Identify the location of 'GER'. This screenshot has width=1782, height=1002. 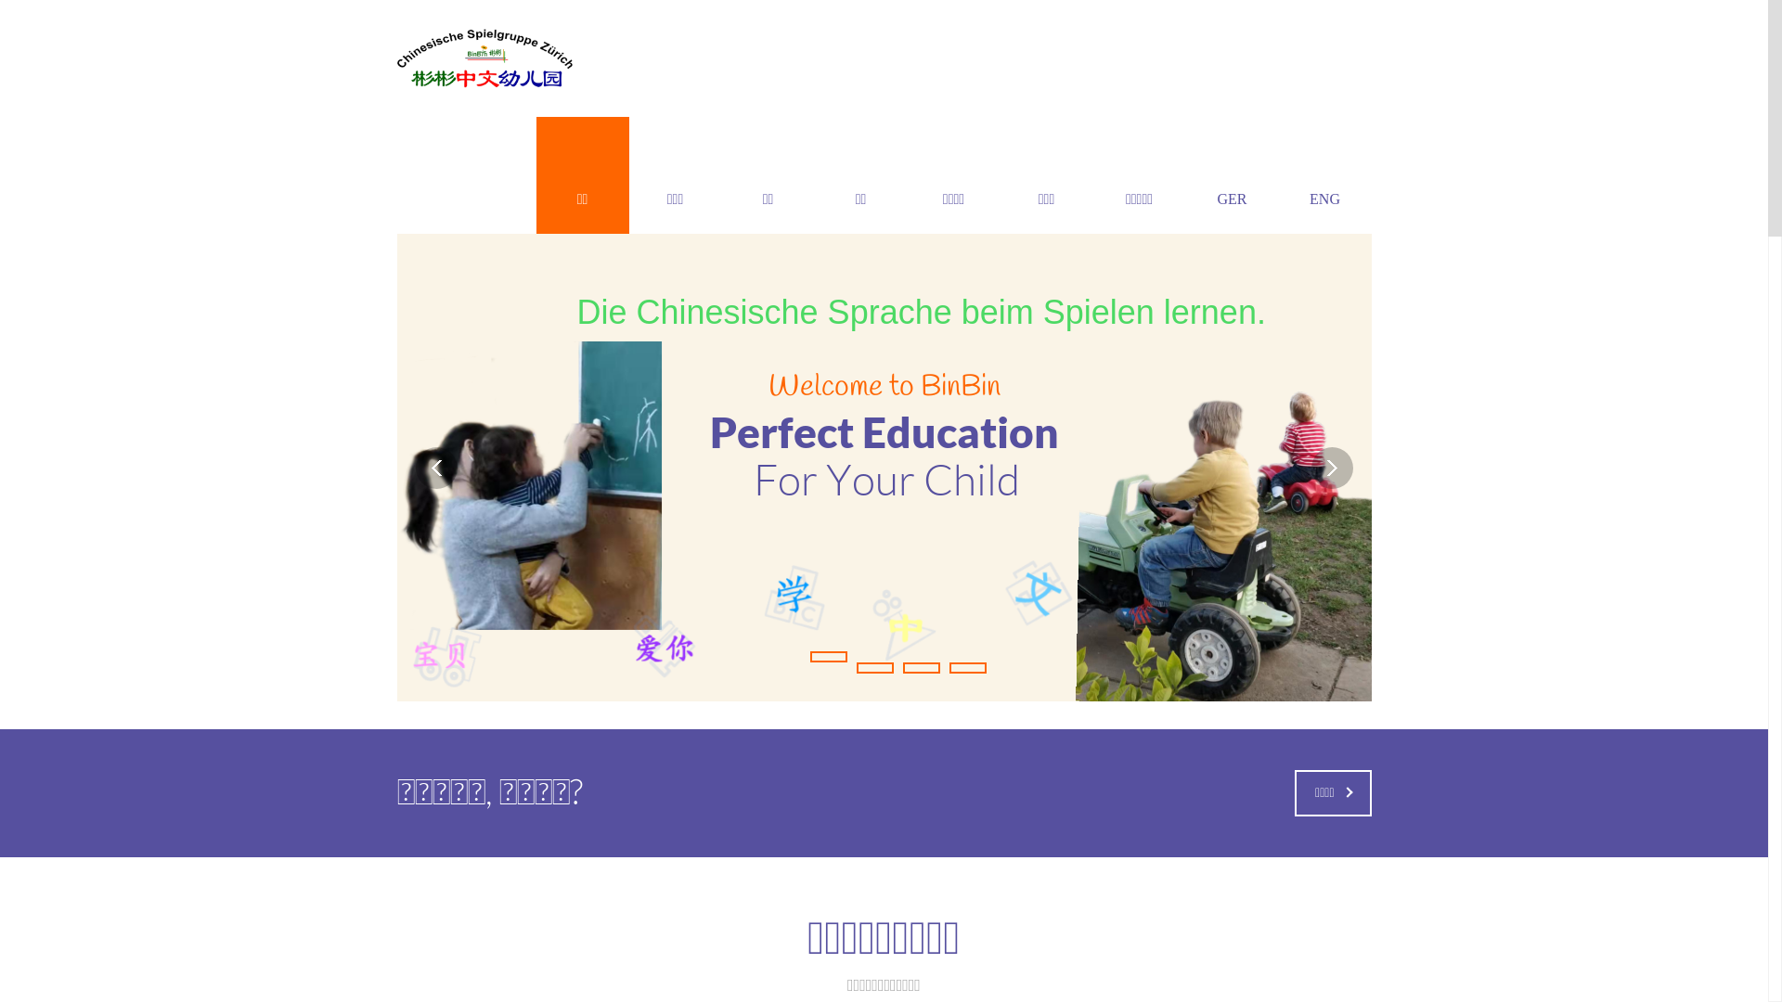
(1233, 175).